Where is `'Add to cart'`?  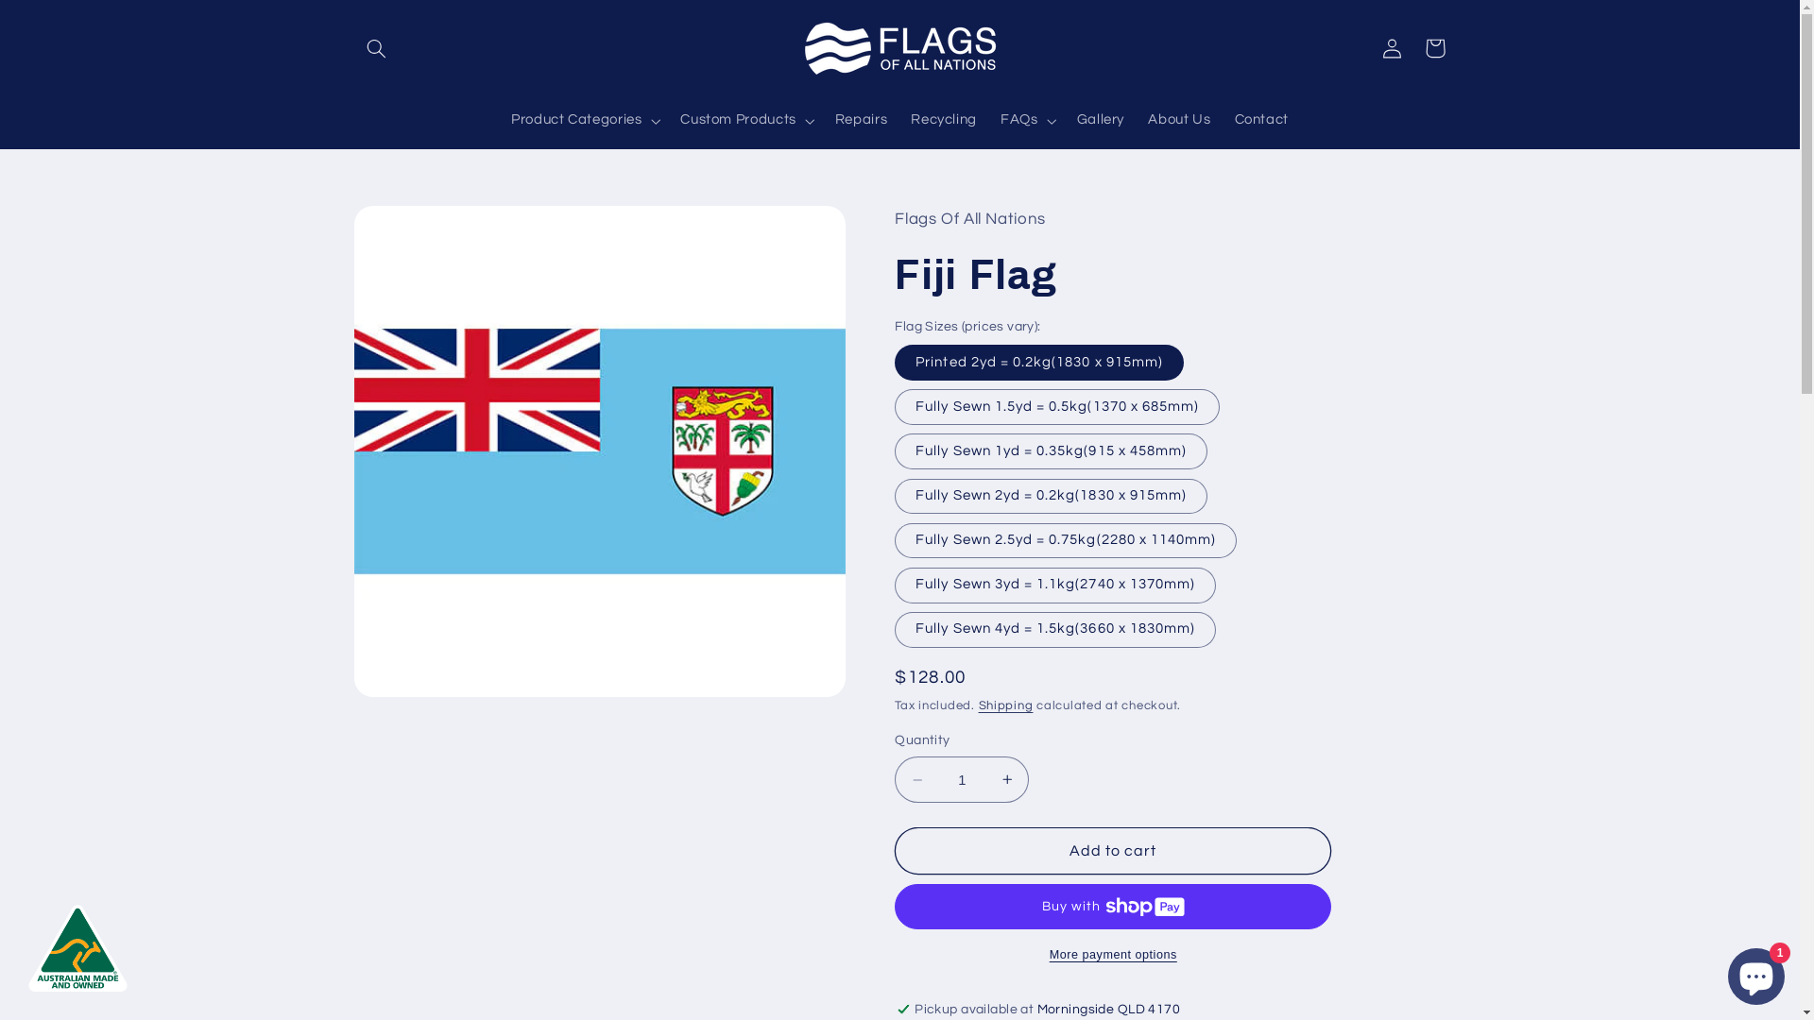
'Add to cart' is located at coordinates (1112, 850).